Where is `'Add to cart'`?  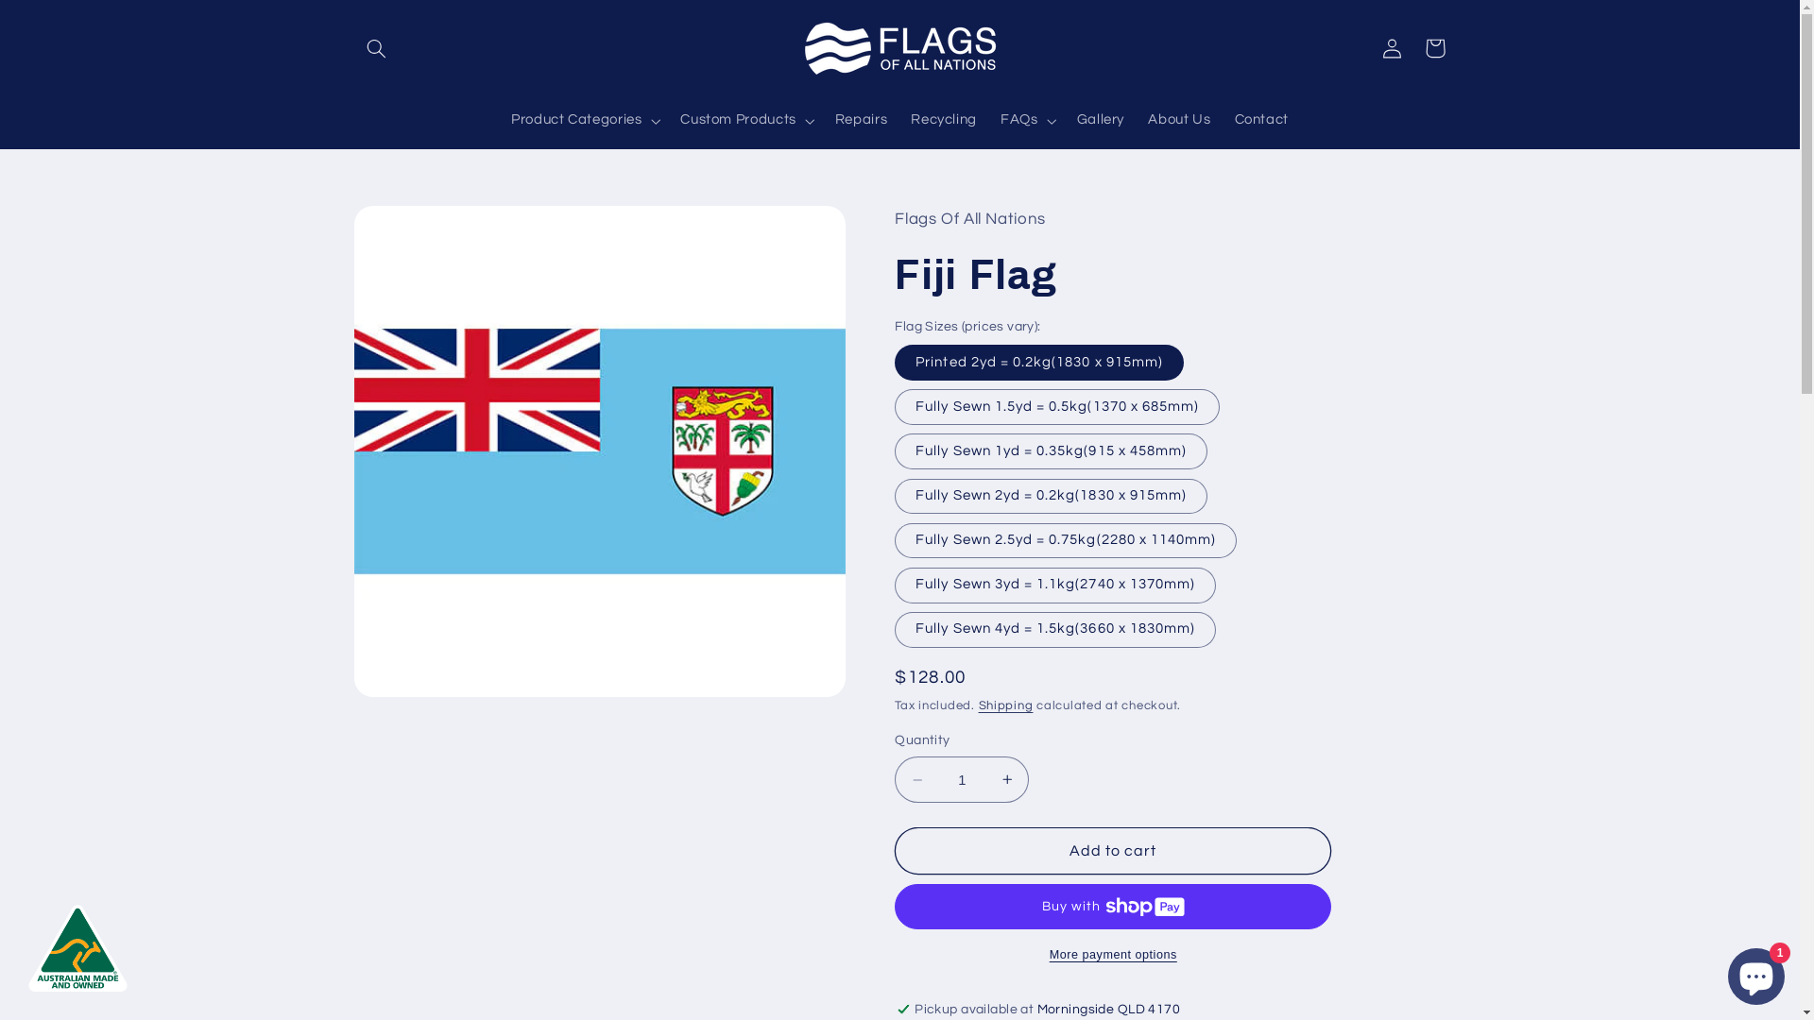
'Add to cart' is located at coordinates (1112, 850).